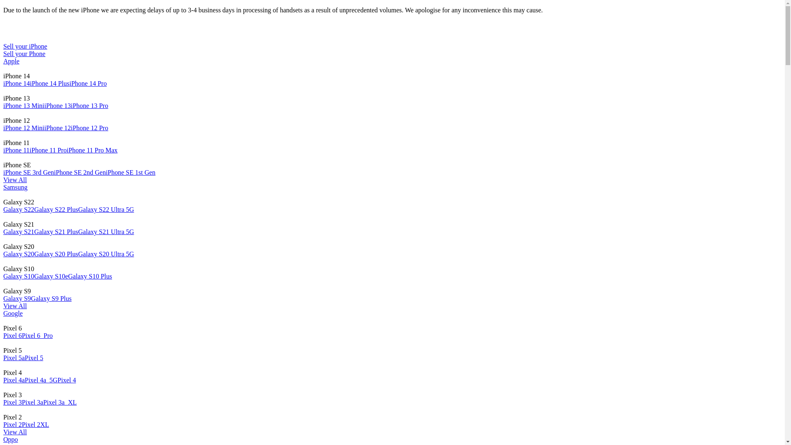  What do you see at coordinates (105, 172) in the screenshot?
I see `'iPhone SE 1st Gen'` at bounding box center [105, 172].